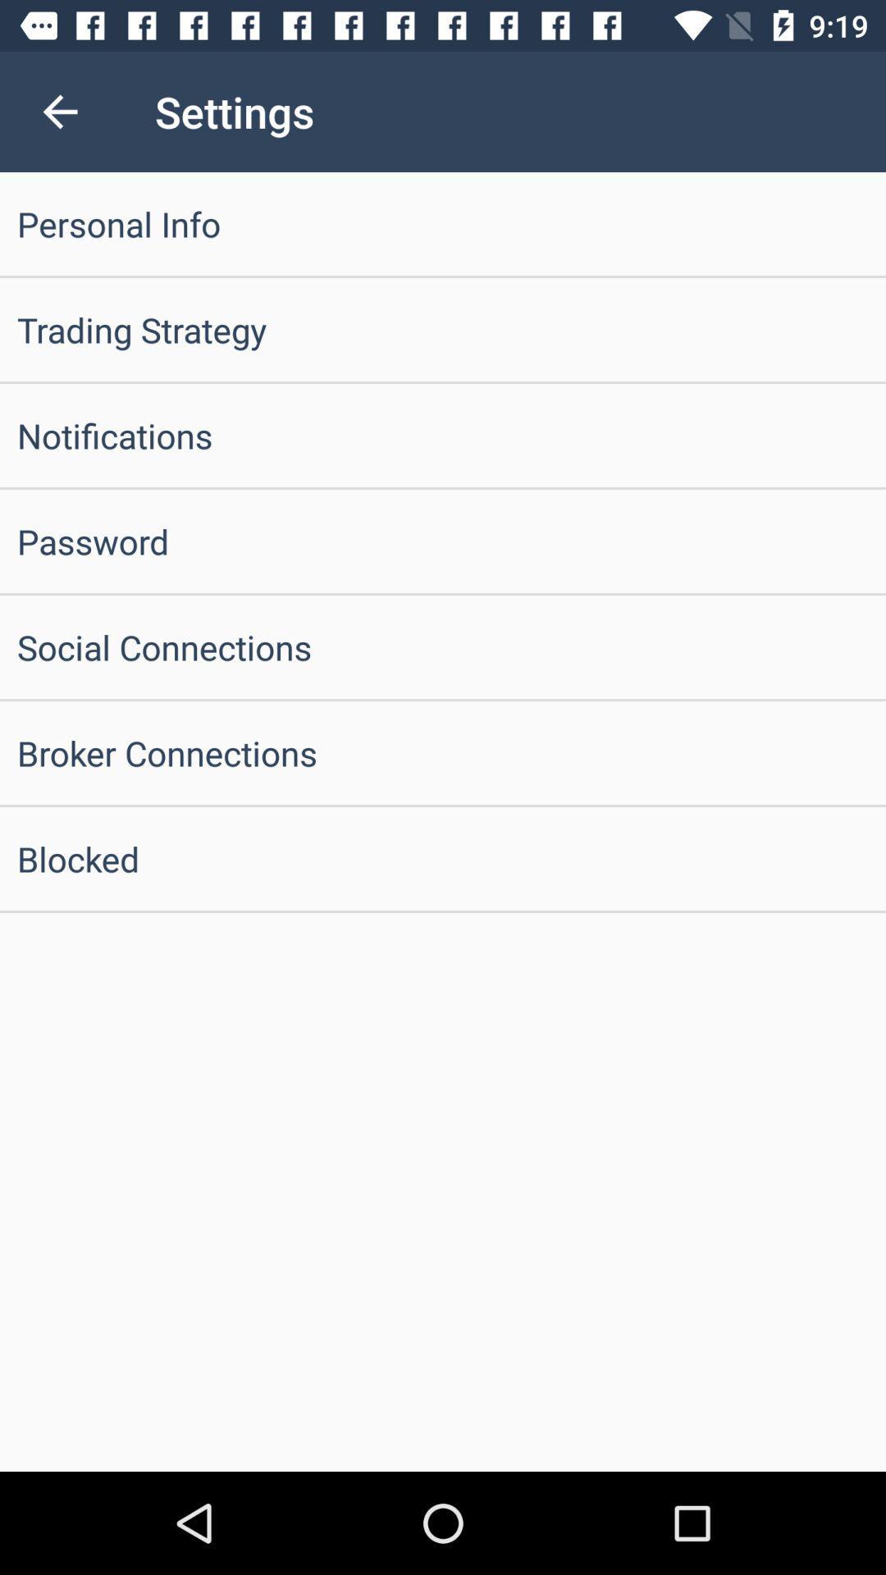 The image size is (886, 1575). What do you see at coordinates (443, 541) in the screenshot?
I see `the password` at bounding box center [443, 541].